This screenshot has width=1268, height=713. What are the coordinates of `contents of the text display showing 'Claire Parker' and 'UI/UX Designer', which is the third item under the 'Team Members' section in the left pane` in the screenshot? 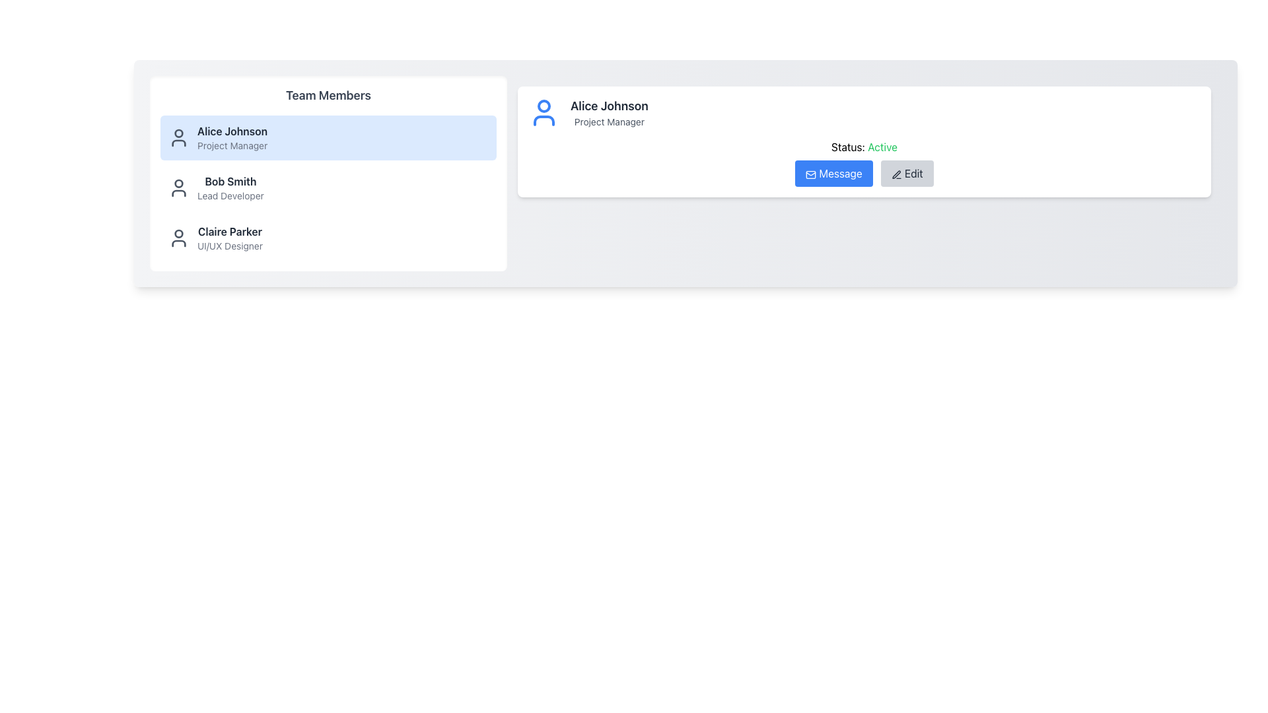 It's located at (230, 238).